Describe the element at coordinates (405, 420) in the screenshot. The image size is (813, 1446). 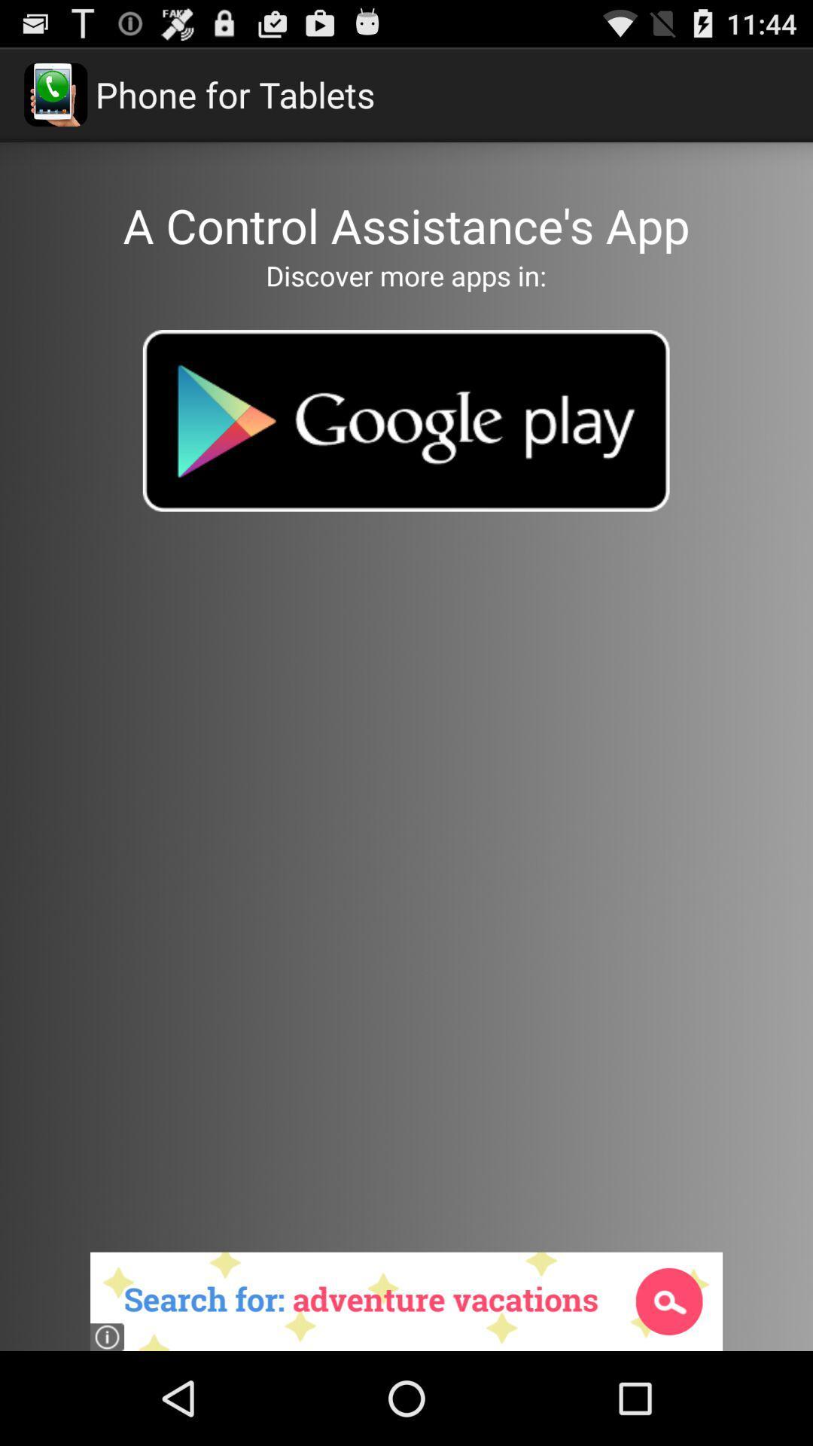
I see `google play` at that location.